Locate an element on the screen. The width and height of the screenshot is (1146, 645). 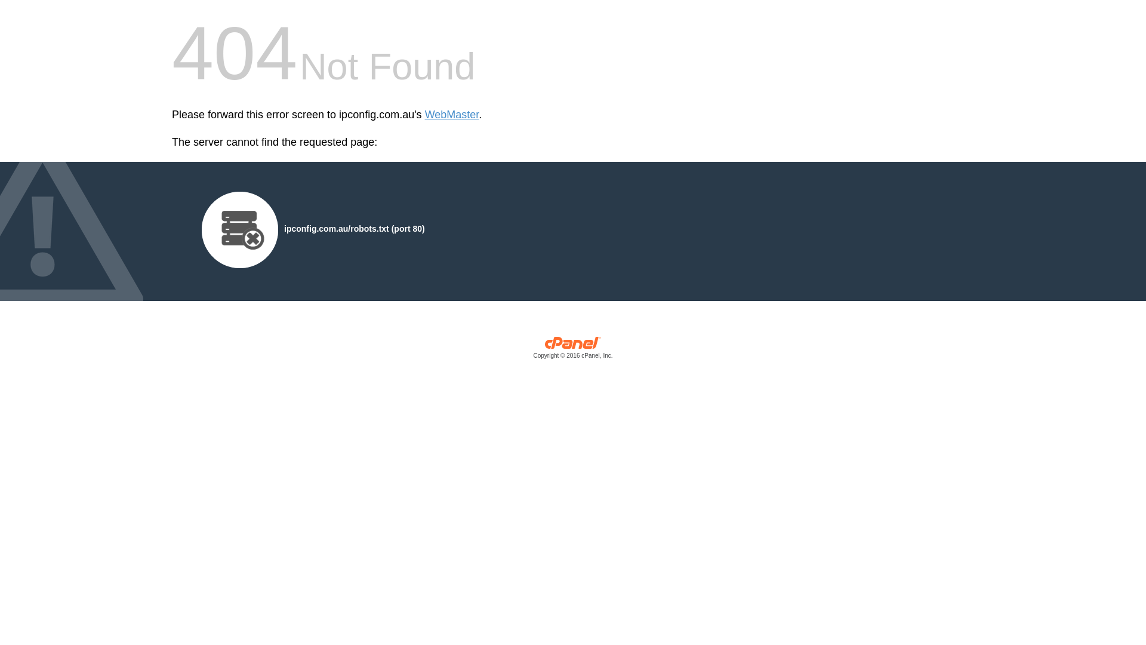
'WebMaster' is located at coordinates (451, 115).